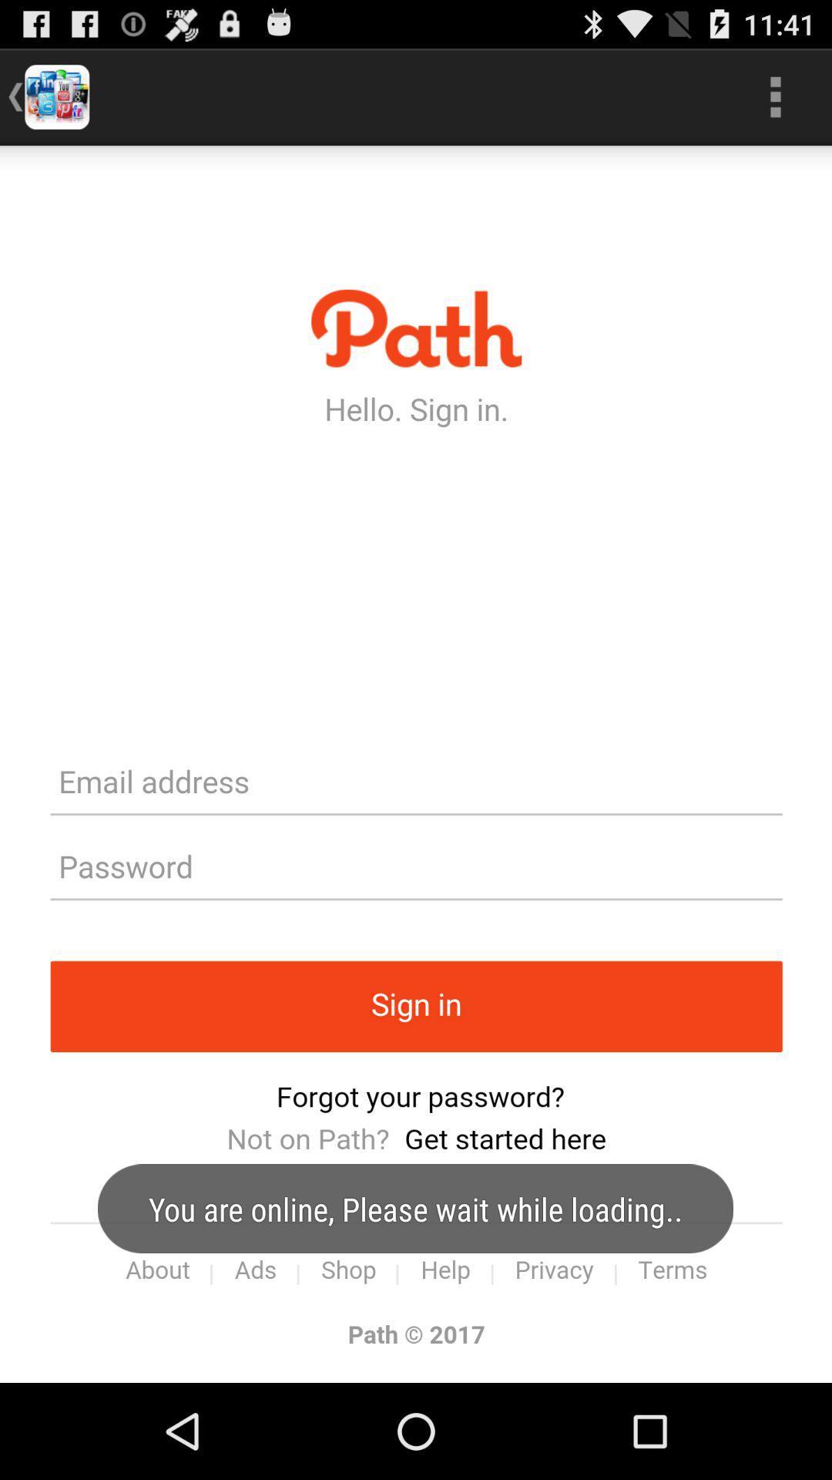  Describe the element at coordinates (416, 764) in the screenshot. I see `web page` at that location.